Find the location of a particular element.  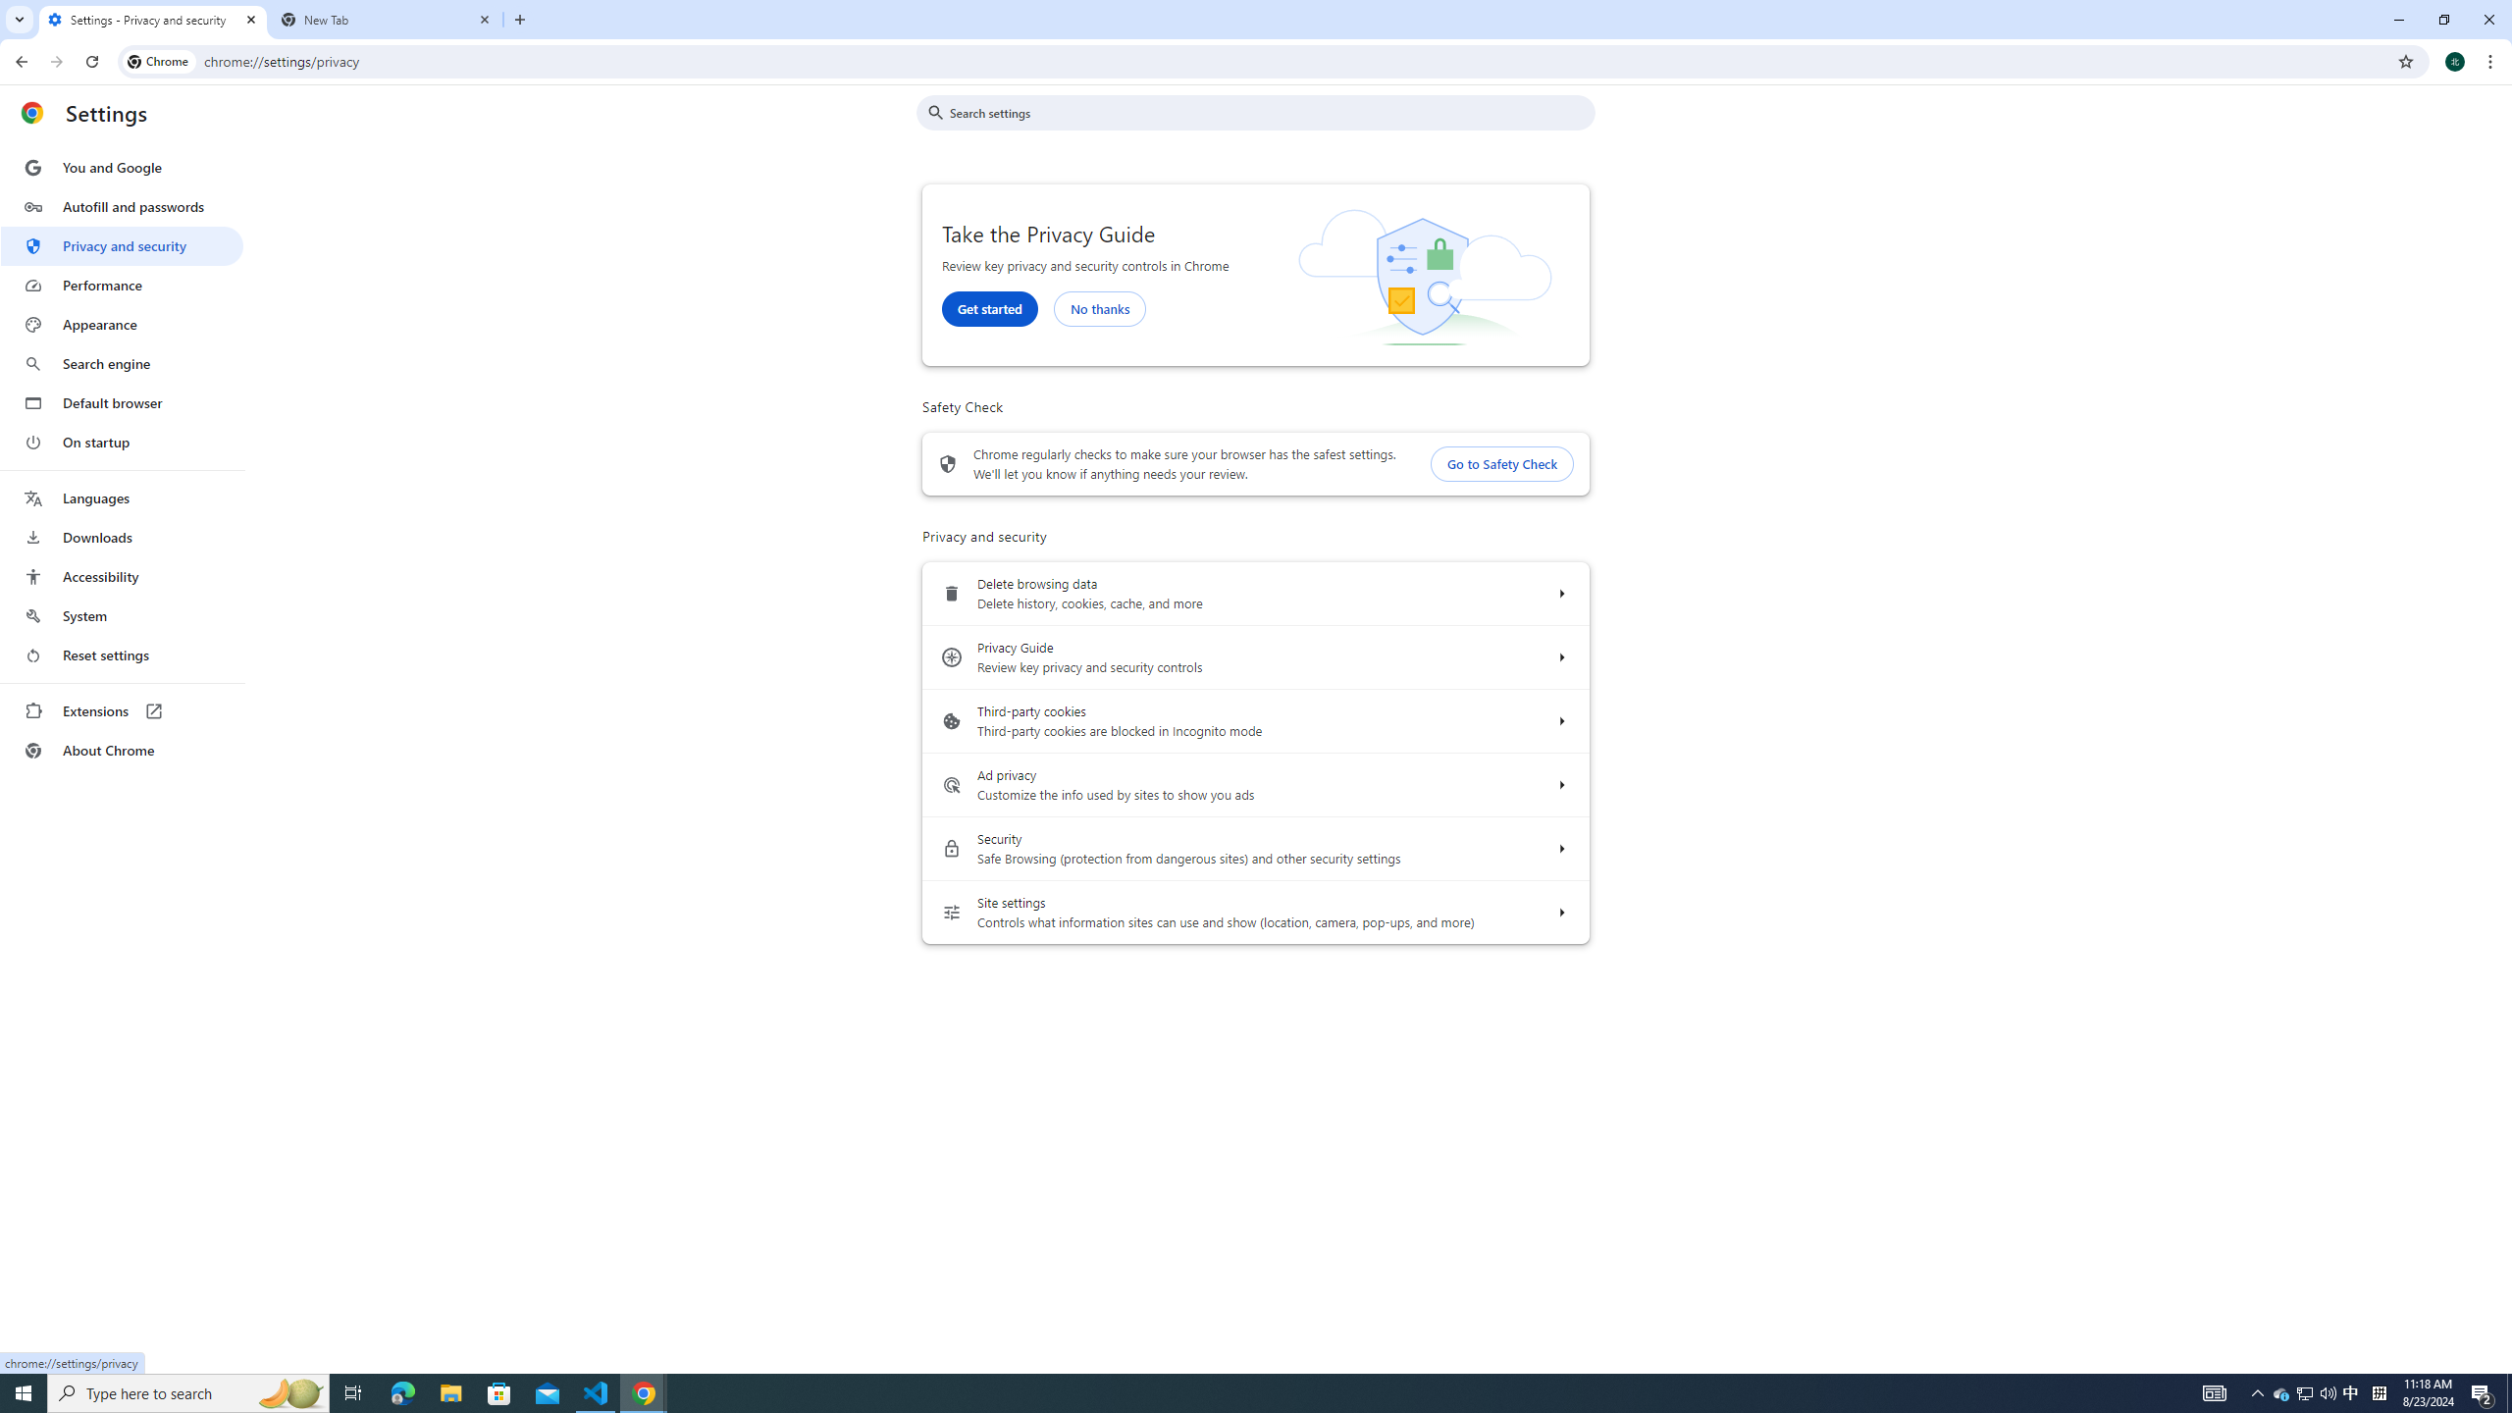

'Autofill and passwords' is located at coordinates (121, 206).